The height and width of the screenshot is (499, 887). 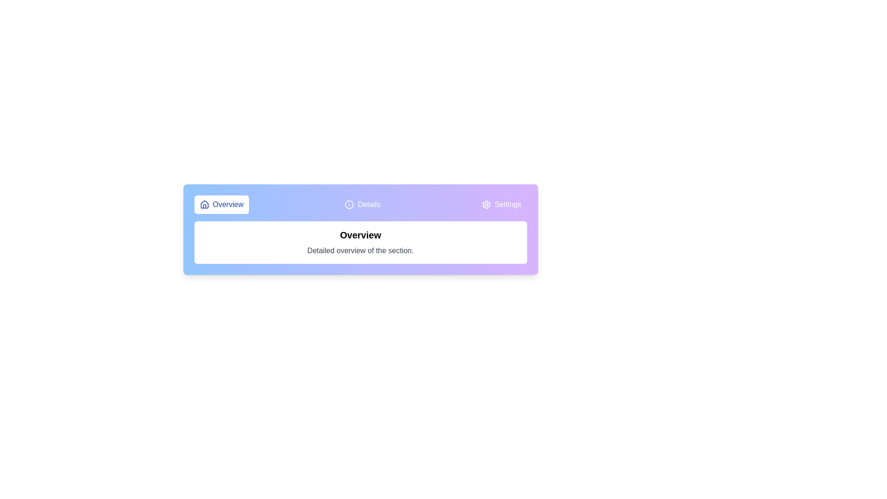 What do you see at coordinates (349, 204) in the screenshot?
I see `the circular outline of the 'Details' icon located centrally among the navigation options at the top of the interface` at bounding box center [349, 204].